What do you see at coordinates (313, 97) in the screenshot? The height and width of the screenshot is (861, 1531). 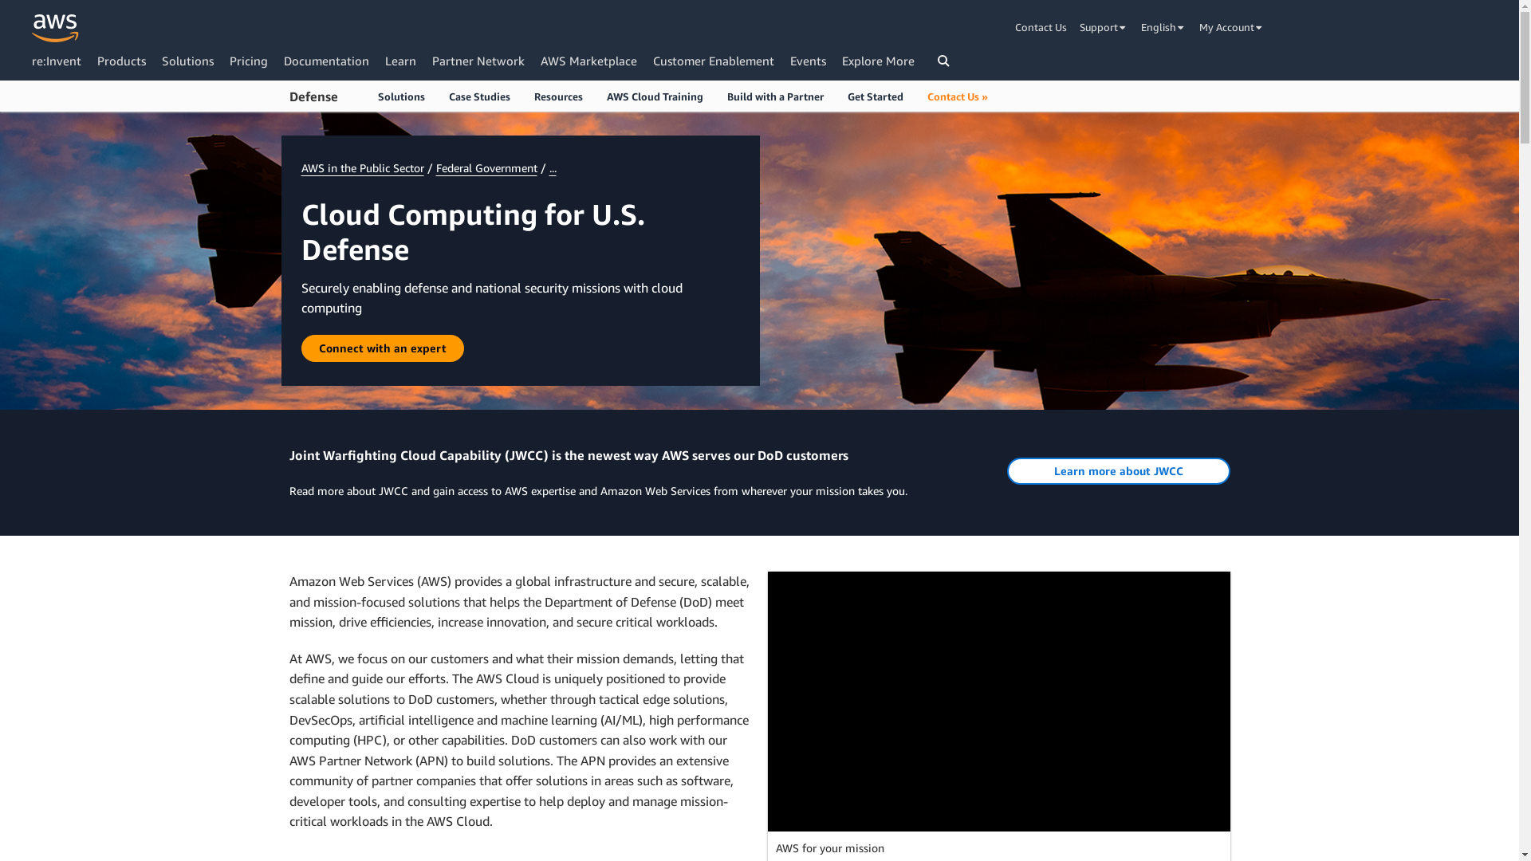 I see `'Defense'` at bounding box center [313, 97].